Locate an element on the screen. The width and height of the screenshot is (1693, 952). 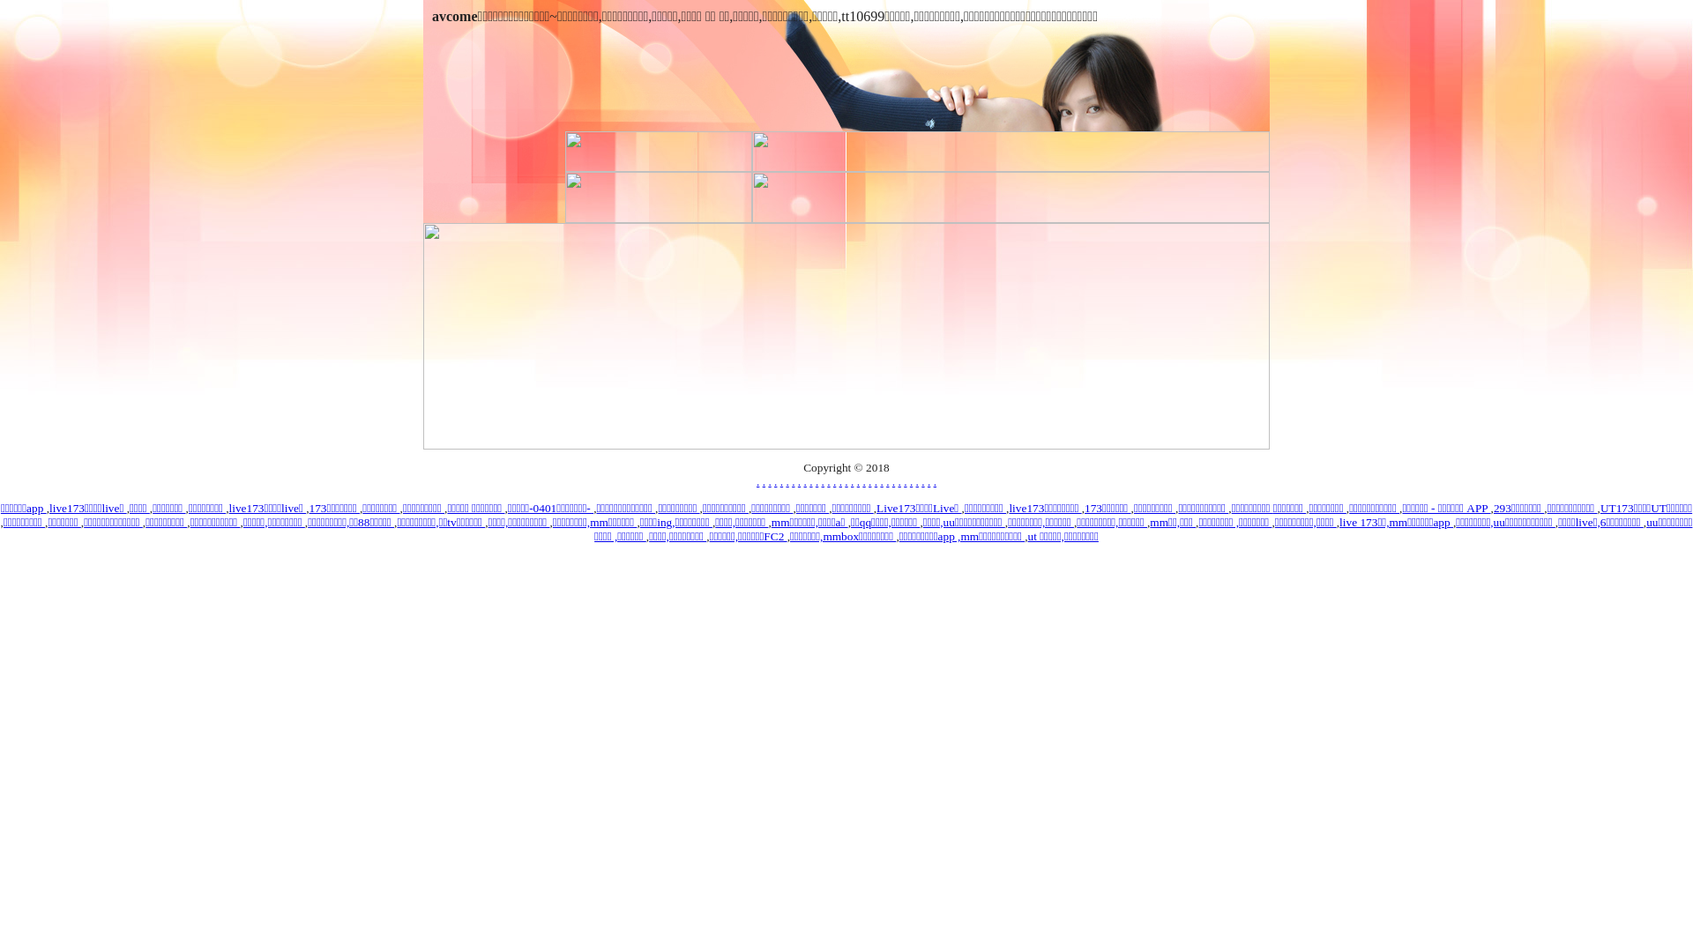
'.' is located at coordinates (845, 481).